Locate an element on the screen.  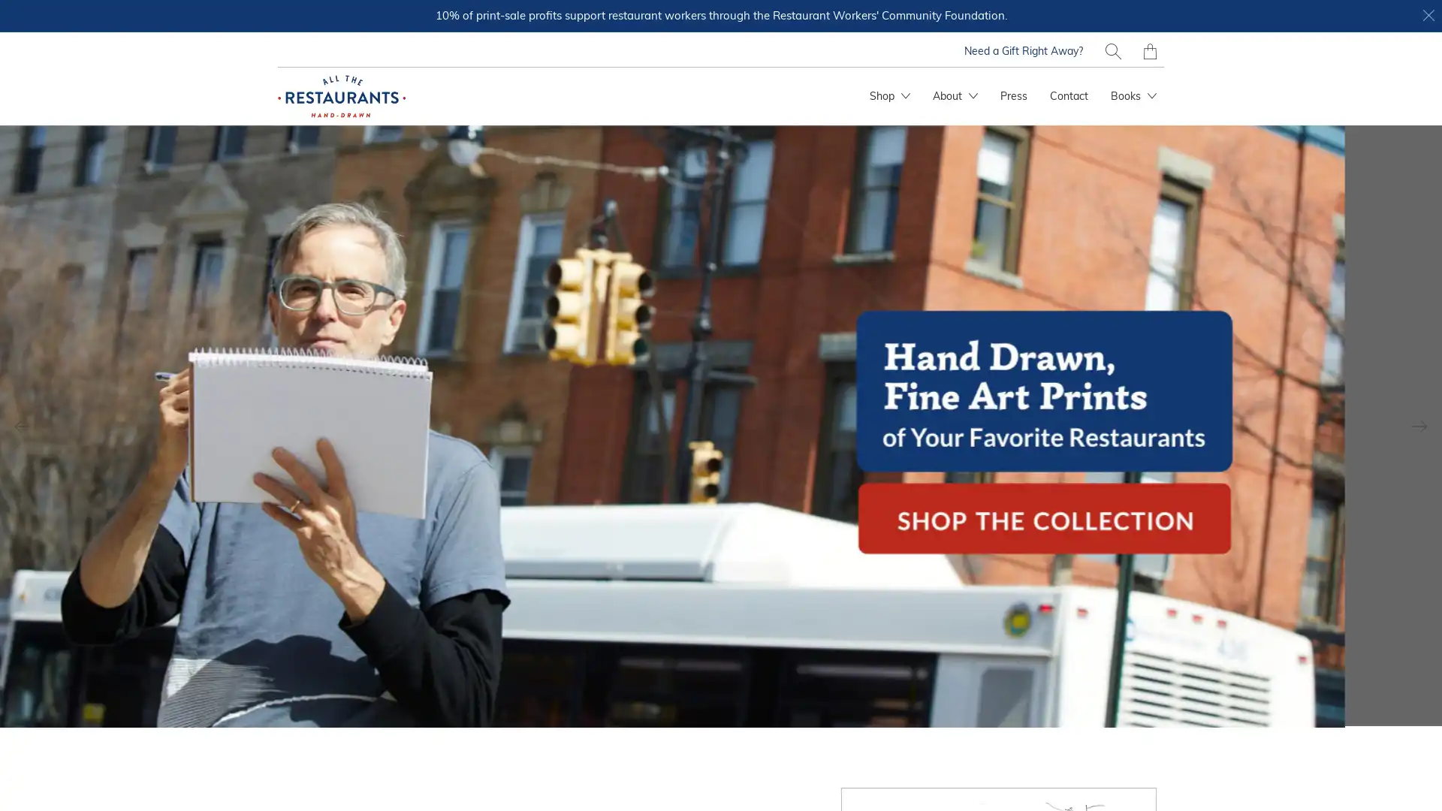
Next is located at coordinates (1419, 426).